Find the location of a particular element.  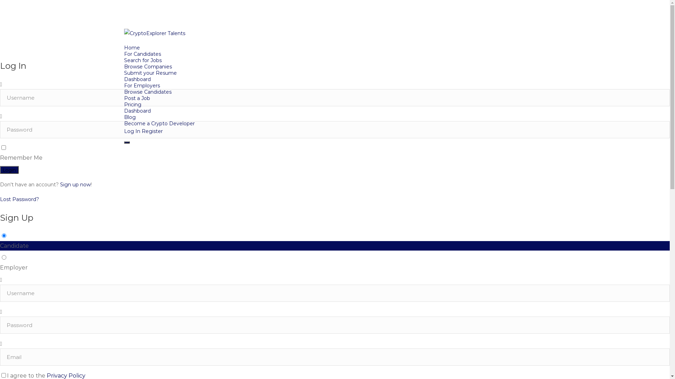

'For Employers' is located at coordinates (141, 85).